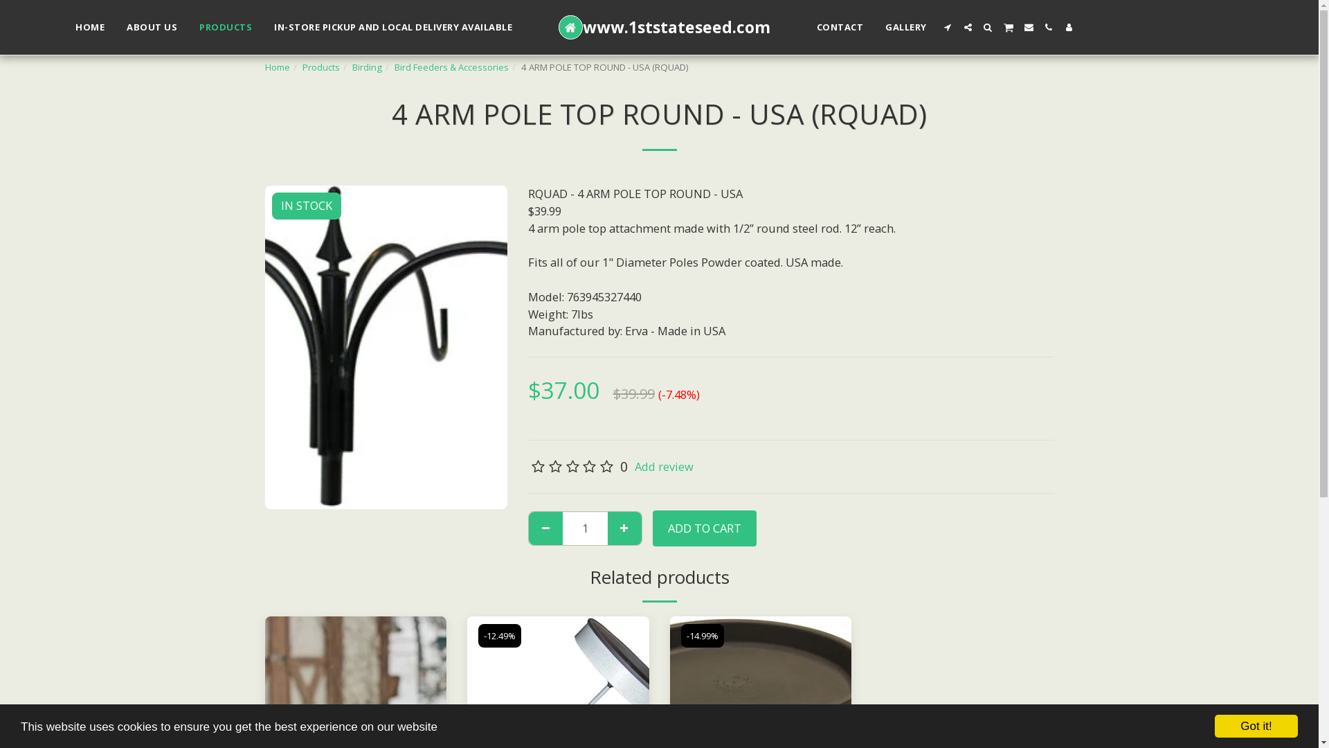 The height and width of the screenshot is (748, 1329). What do you see at coordinates (226, 26) in the screenshot?
I see `'PRODUCTS'` at bounding box center [226, 26].